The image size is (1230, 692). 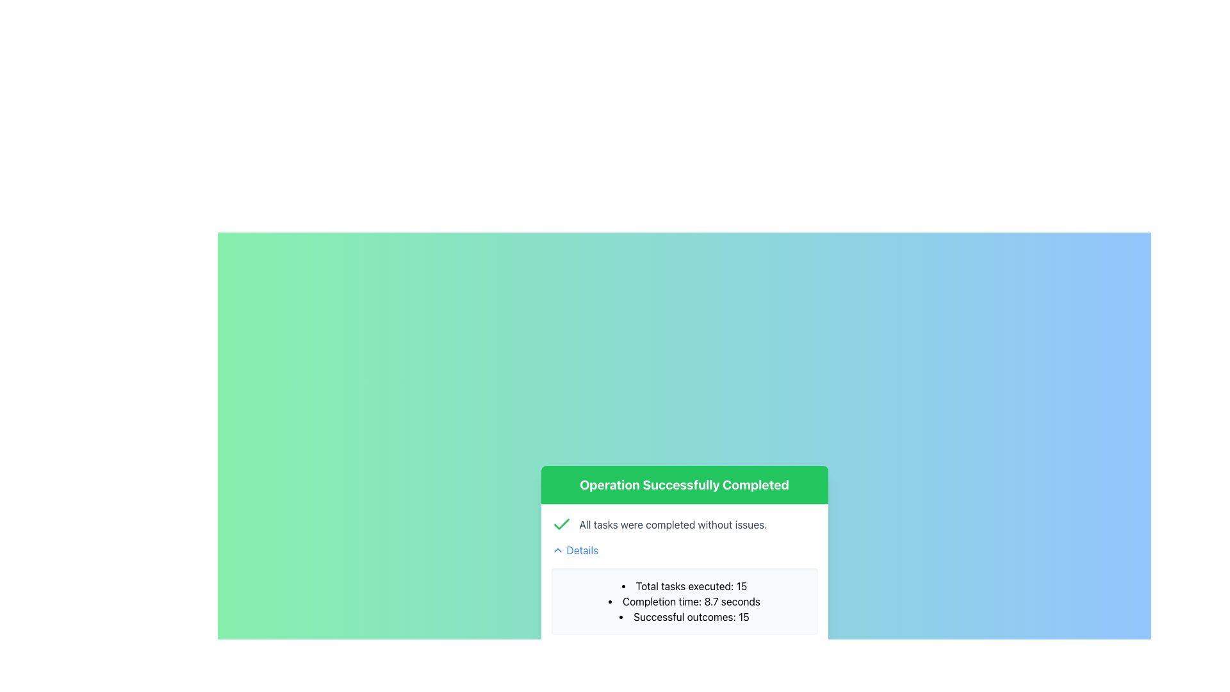 I want to click on the green banner displaying 'Operation Successfully Completed', which is located at the top of the notification card layout, so click(x=684, y=484).